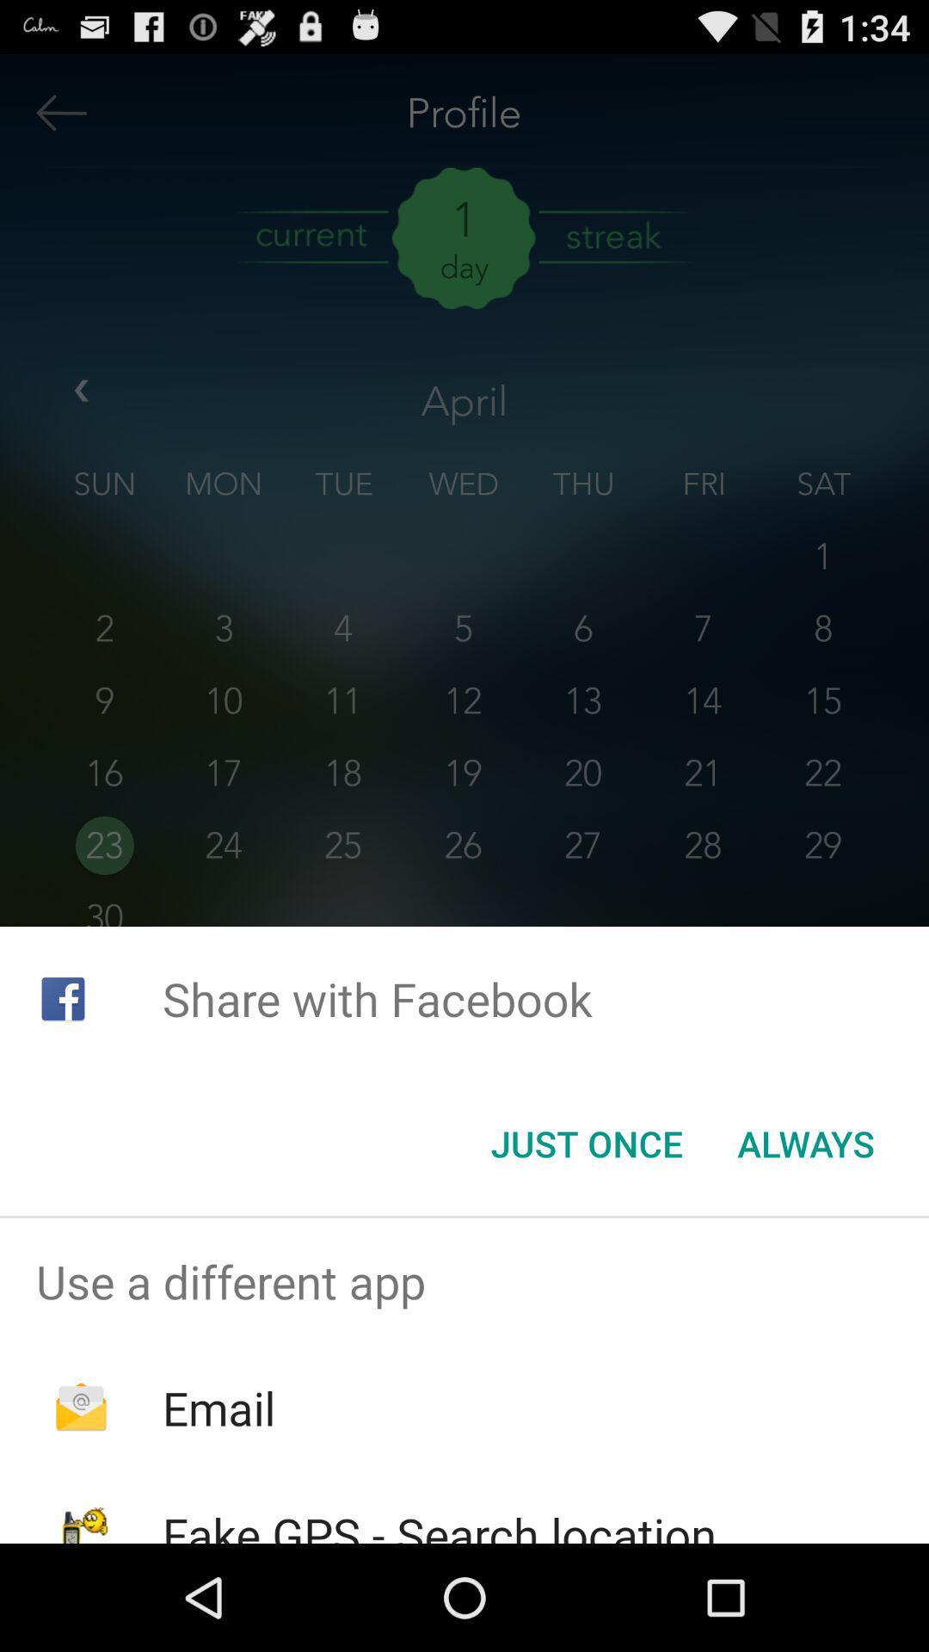  What do you see at coordinates (464, 1281) in the screenshot?
I see `the icon above email item` at bounding box center [464, 1281].